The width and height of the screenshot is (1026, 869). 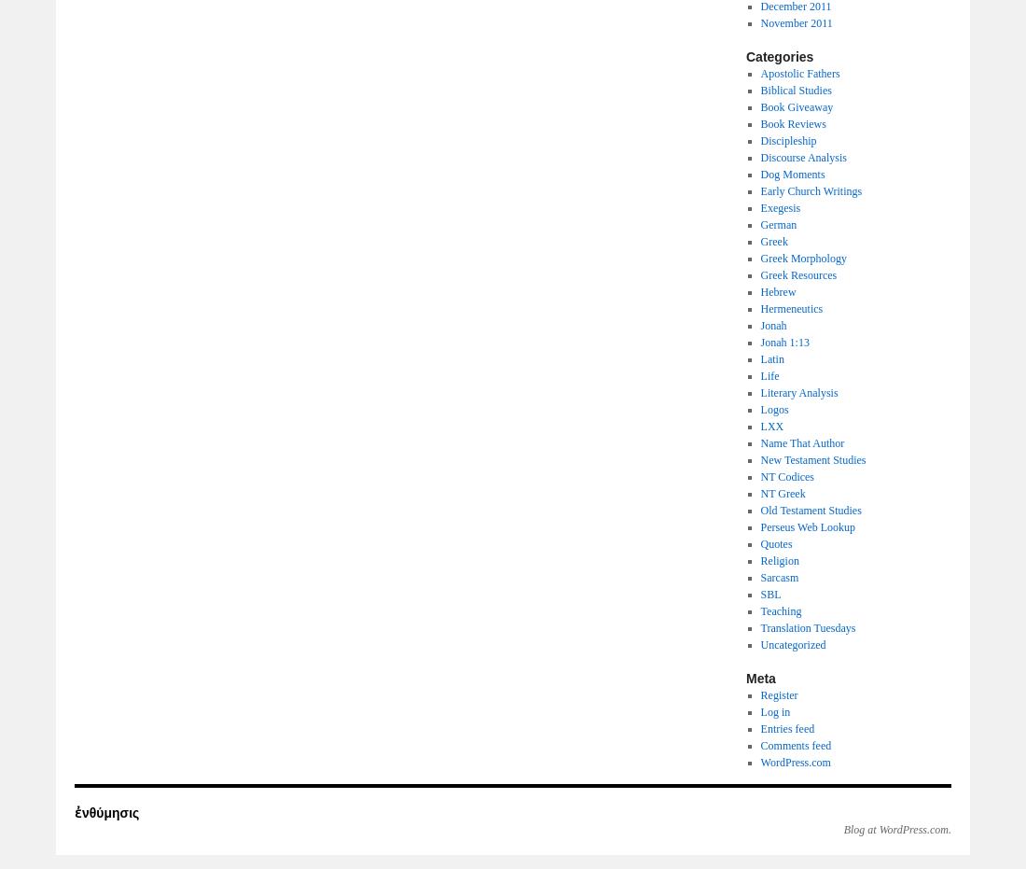 I want to click on 'Discipleship', so click(x=787, y=140).